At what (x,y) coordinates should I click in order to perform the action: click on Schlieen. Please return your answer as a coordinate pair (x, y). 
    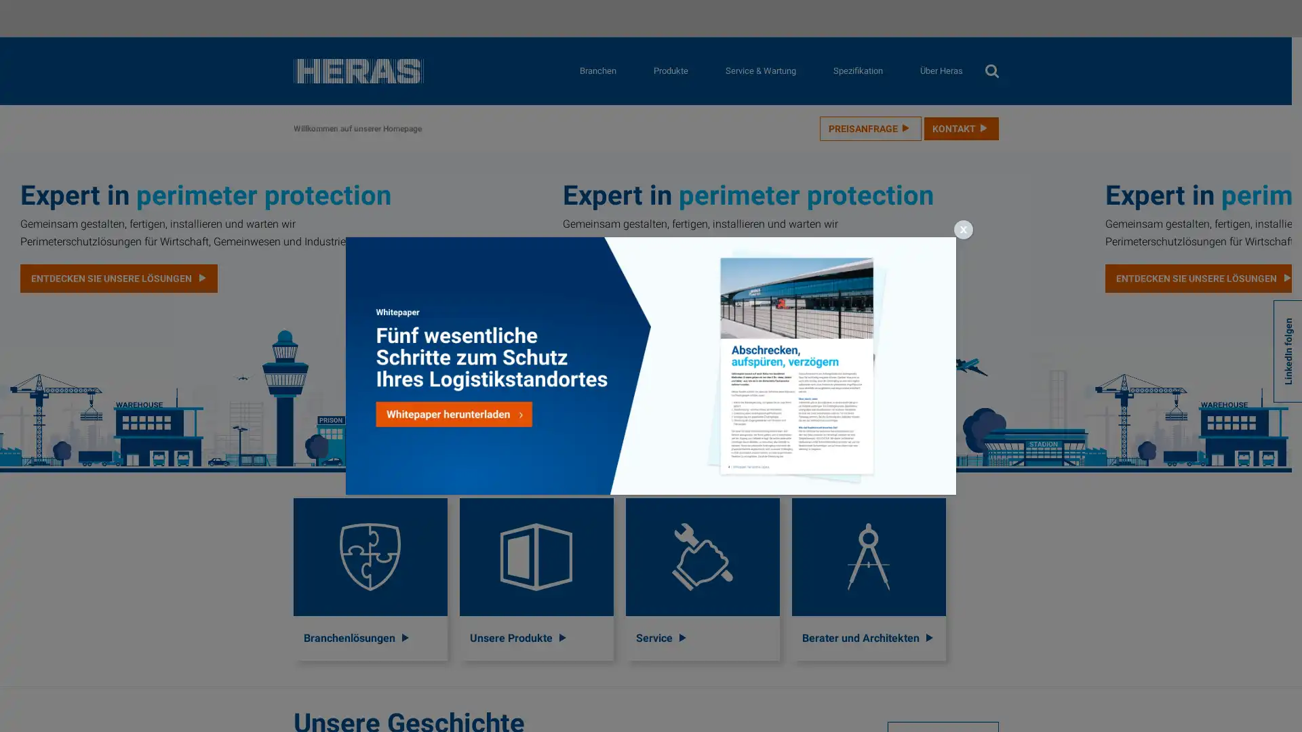
    Looking at the image, I should click on (962, 229).